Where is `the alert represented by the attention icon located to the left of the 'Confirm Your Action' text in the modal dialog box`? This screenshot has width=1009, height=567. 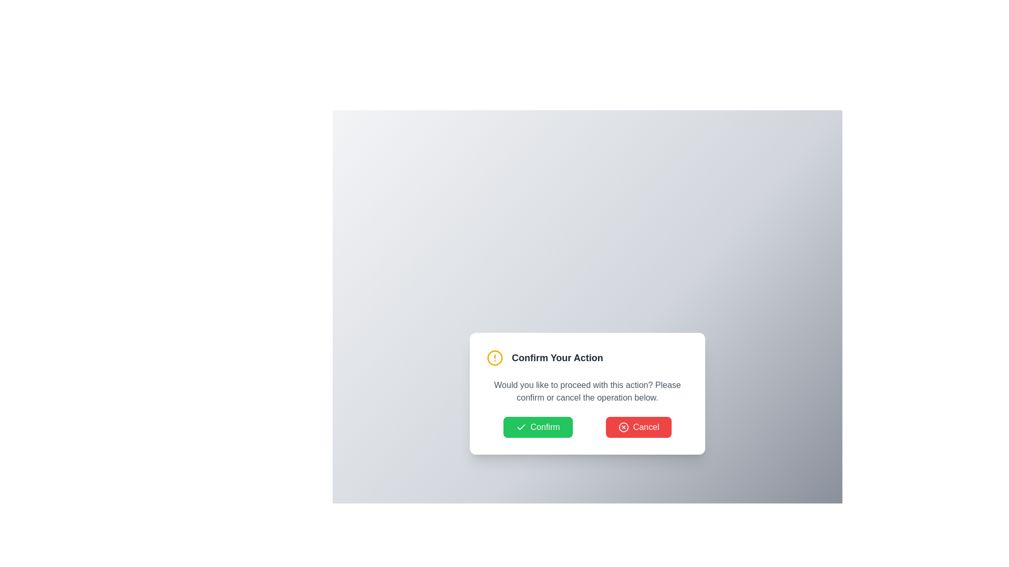
the alert represented by the attention icon located to the left of the 'Confirm Your Action' text in the modal dialog box is located at coordinates (494, 358).